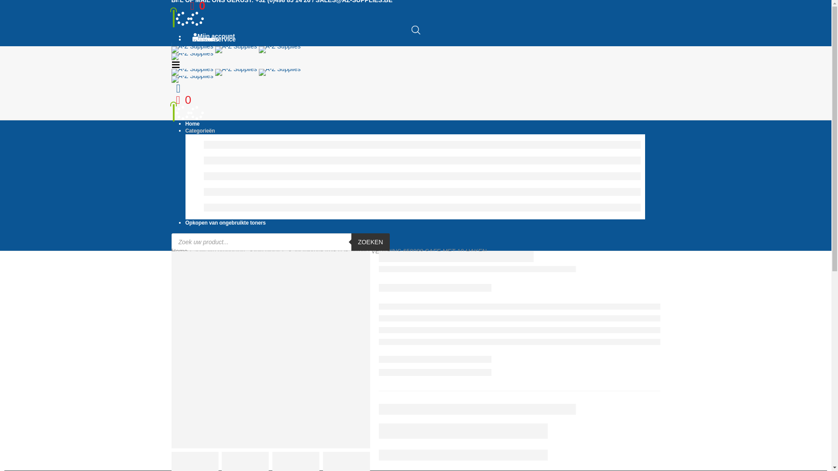 The width and height of the screenshot is (838, 471). I want to click on 'Nieuws', so click(200, 38).